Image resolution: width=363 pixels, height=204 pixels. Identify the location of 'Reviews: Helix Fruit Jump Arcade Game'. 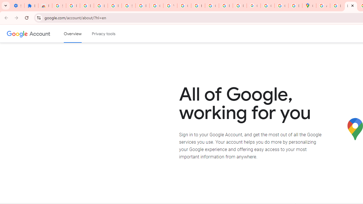
(45, 6).